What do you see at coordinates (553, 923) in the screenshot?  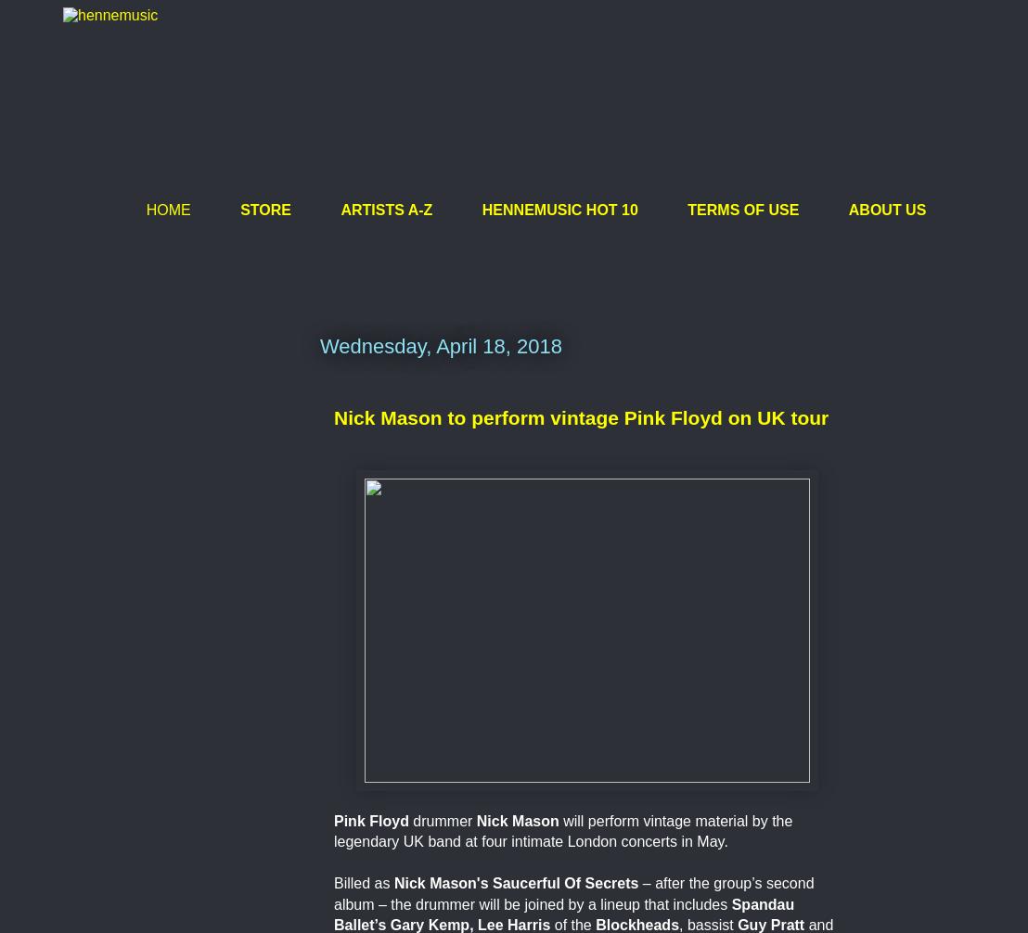 I see `'of the'` at bounding box center [553, 923].